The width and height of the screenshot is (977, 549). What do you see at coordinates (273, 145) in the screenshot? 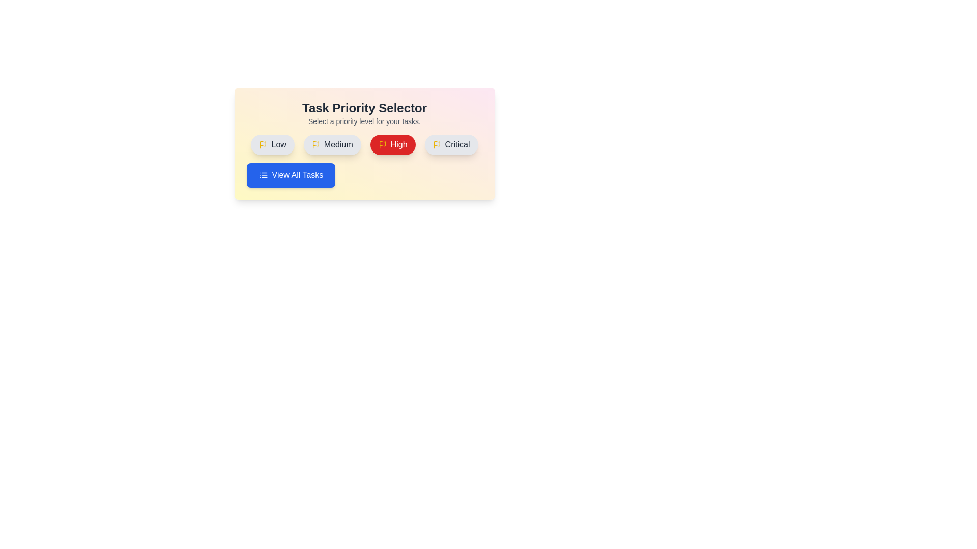
I see `the button labeled Low to observe its hover effect` at bounding box center [273, 145].